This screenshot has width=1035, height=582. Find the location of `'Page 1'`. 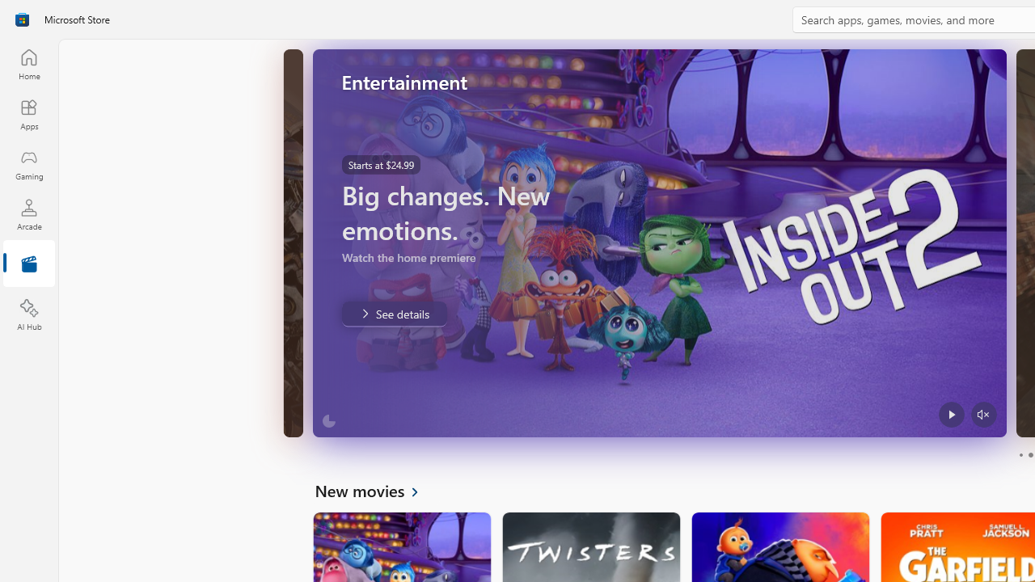

'Page 1' is located at coordinates (1020, 455).